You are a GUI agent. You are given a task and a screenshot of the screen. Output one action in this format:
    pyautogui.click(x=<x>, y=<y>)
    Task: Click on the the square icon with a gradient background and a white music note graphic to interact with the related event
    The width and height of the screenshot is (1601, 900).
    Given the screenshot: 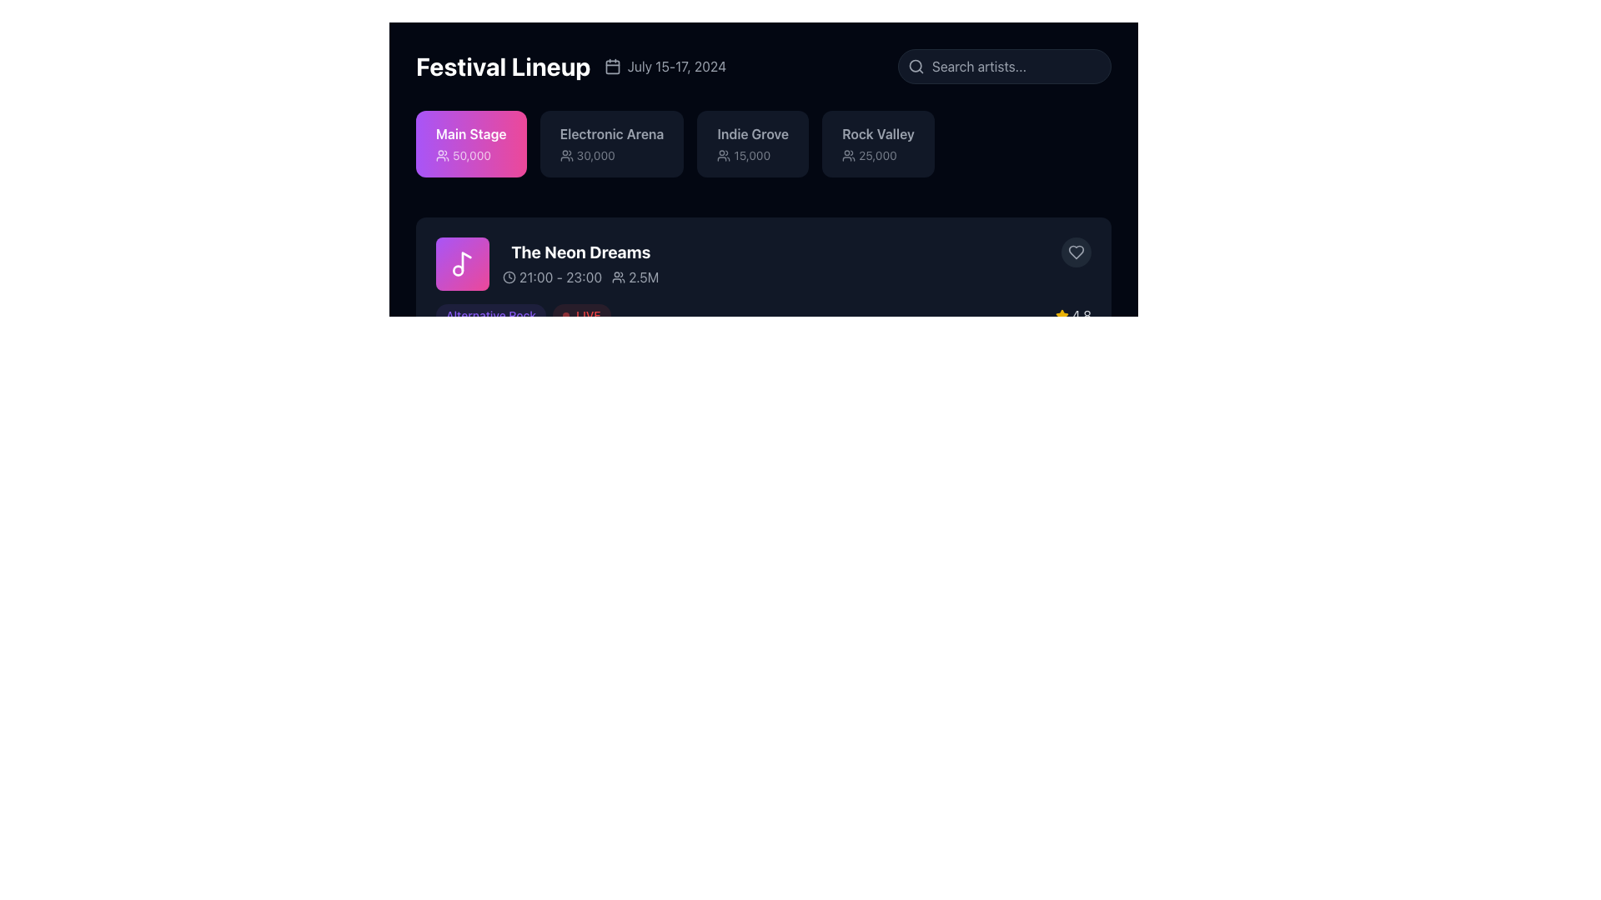 What is the action you would take?
    pyautogui.click(x=463, y=262)
    